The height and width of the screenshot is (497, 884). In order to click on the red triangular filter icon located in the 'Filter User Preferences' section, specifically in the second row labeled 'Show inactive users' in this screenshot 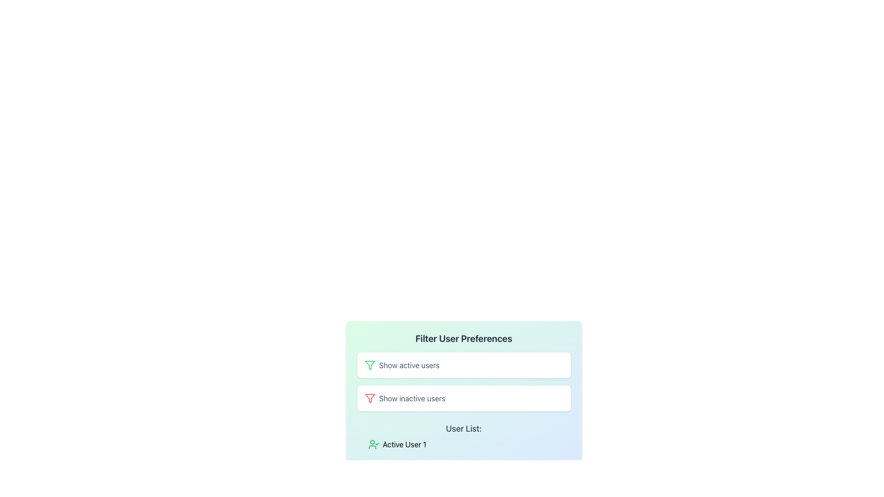, I will do `click(370, 398)`.